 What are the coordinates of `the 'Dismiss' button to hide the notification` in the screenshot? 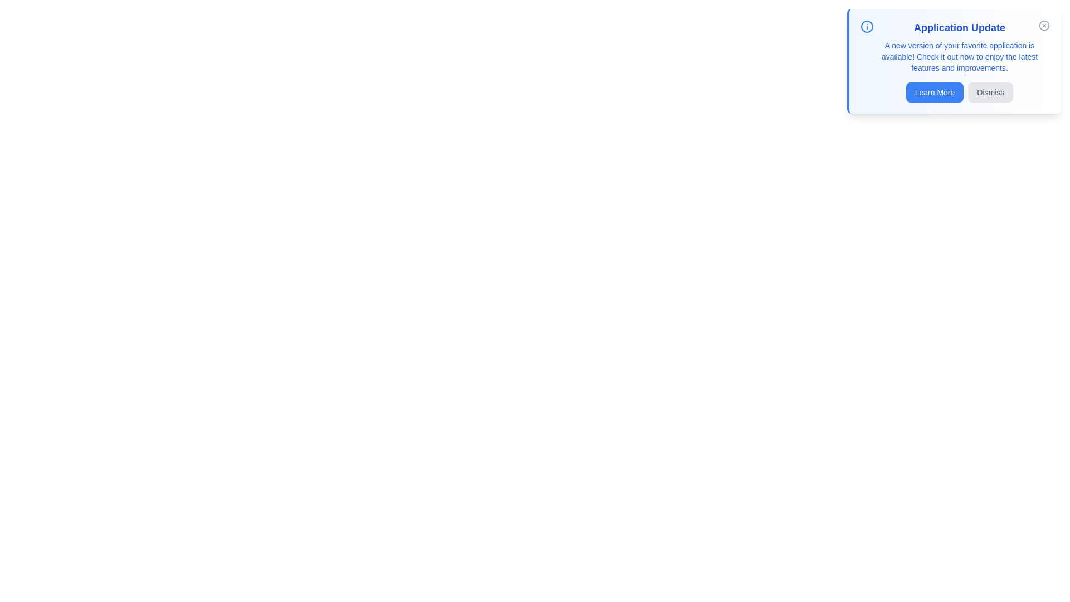 It's located at (990, 91).